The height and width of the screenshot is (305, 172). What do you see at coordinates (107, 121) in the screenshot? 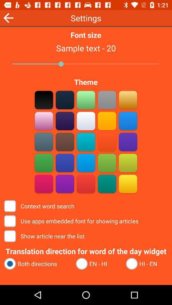
I see `yellow` at bounding box center [107, 121].